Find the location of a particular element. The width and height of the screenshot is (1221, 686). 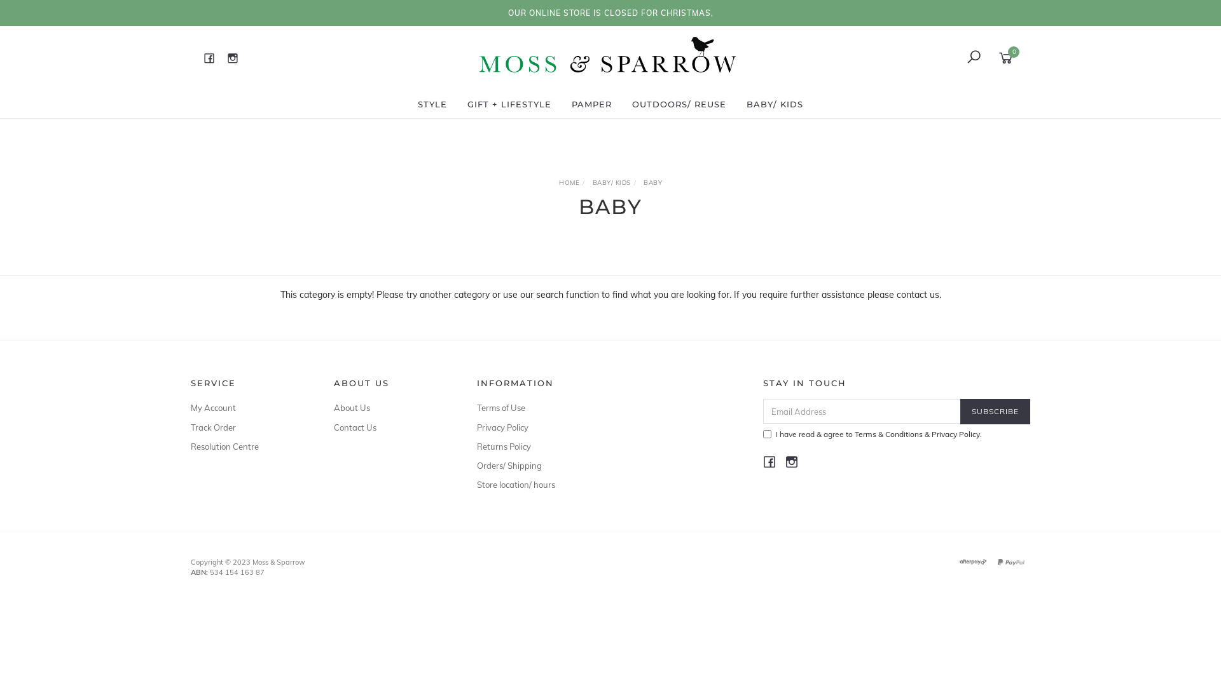

'PAMPER' is located at coordinates (564, 104).